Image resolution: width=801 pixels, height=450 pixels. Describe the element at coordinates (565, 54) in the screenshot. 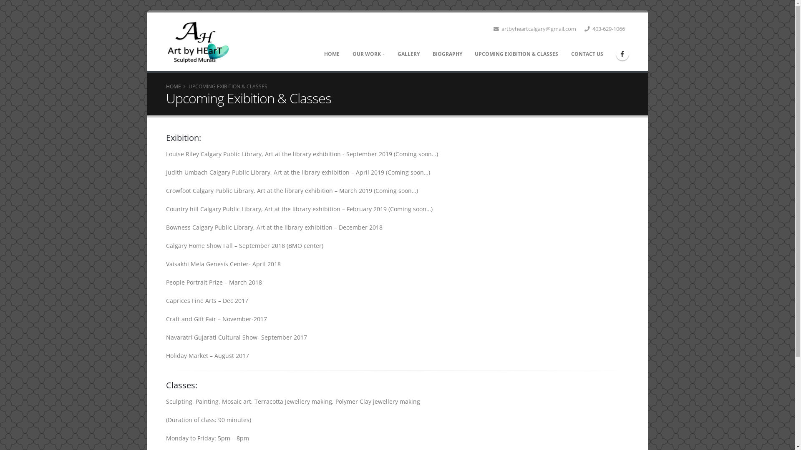

I see `'CONTACT US'` at that location.